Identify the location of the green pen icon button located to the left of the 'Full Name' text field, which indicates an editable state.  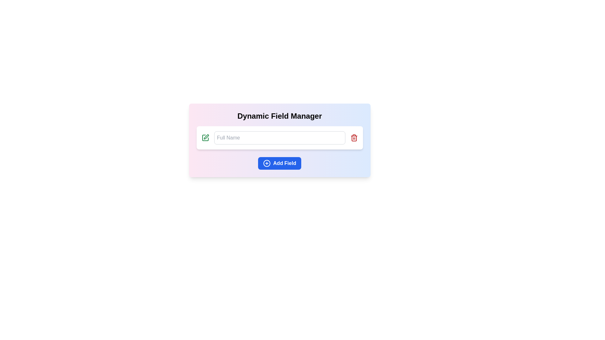
(205, 138).